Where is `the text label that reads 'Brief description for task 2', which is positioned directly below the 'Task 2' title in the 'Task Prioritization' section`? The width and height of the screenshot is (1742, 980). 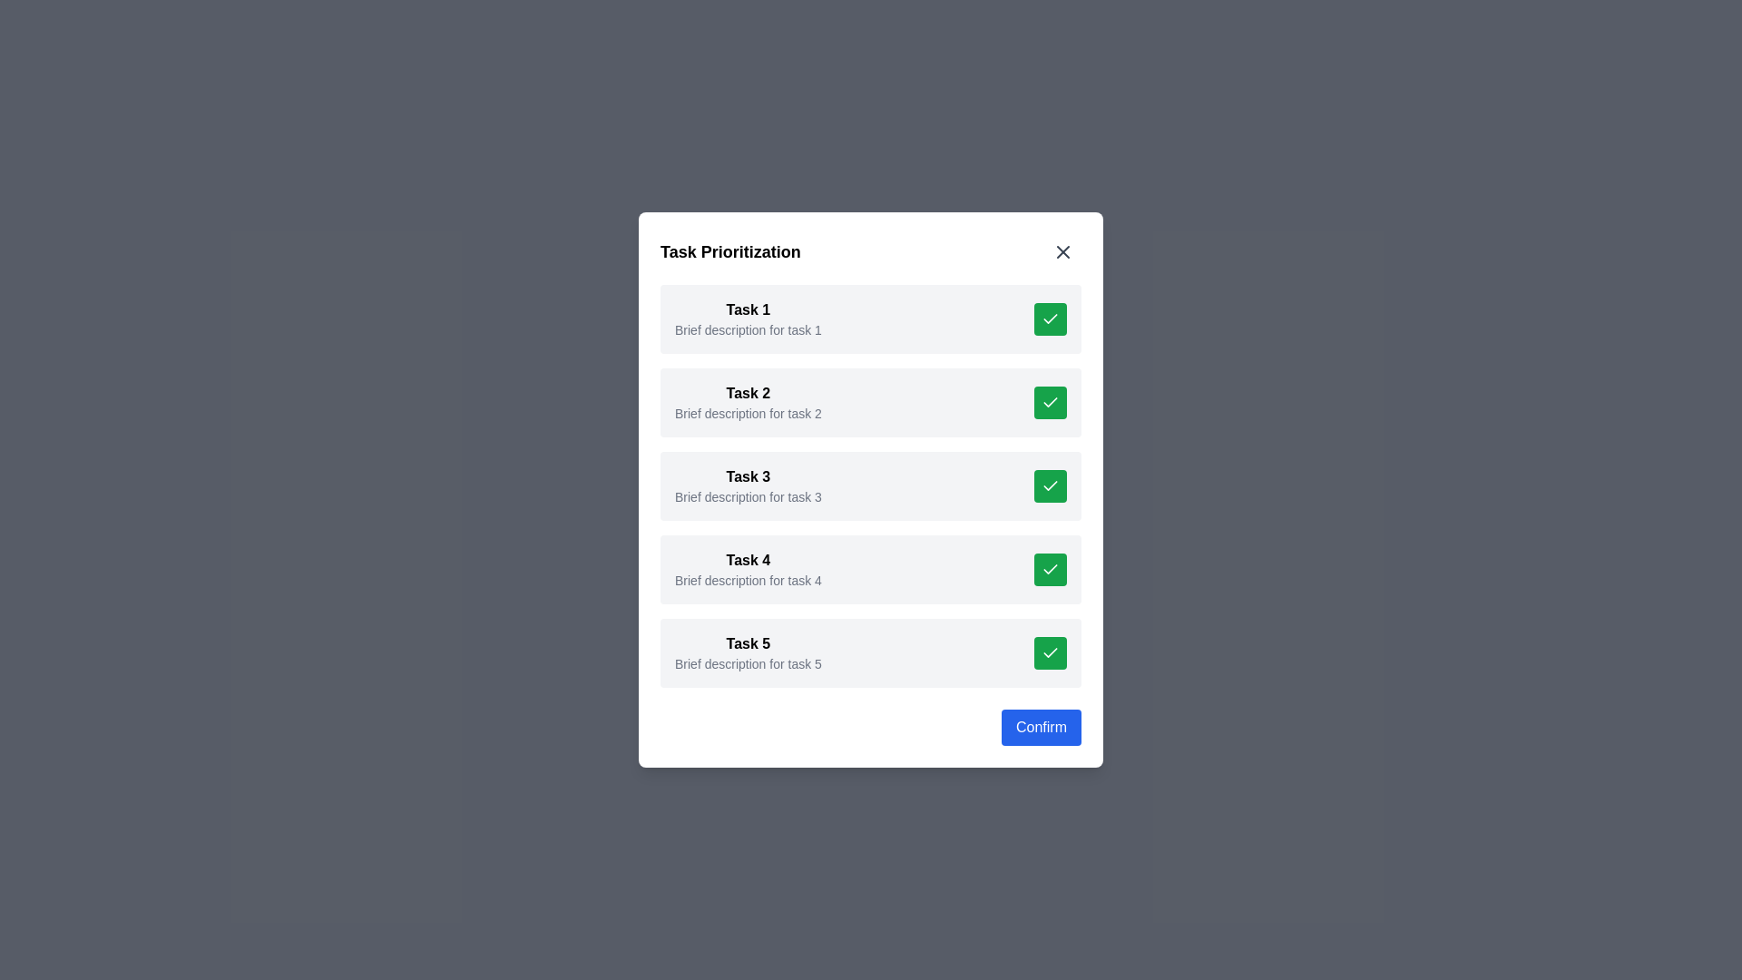
the text label that reads 'Brief description for task 2', which is positioned directly below the 'Task 2' title in the 'Task Prioritization' section is located at coordinates (749, 413).